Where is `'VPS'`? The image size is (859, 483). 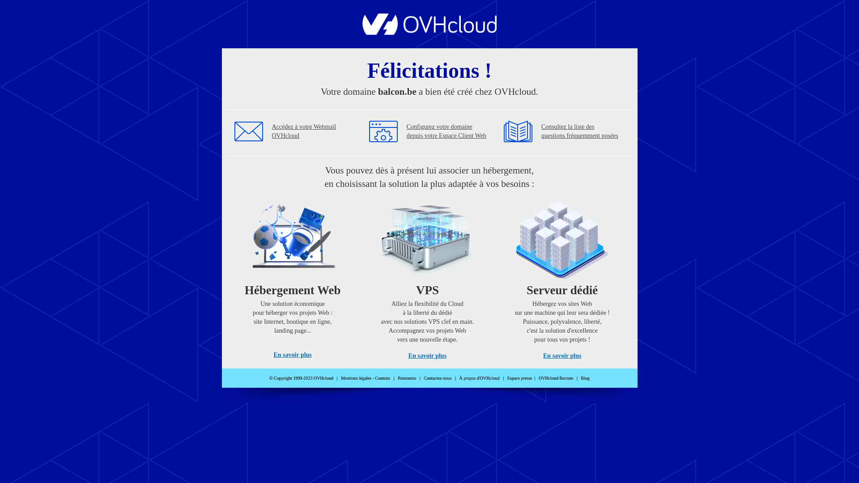
'VPS' is located at coordinates (427, 276).